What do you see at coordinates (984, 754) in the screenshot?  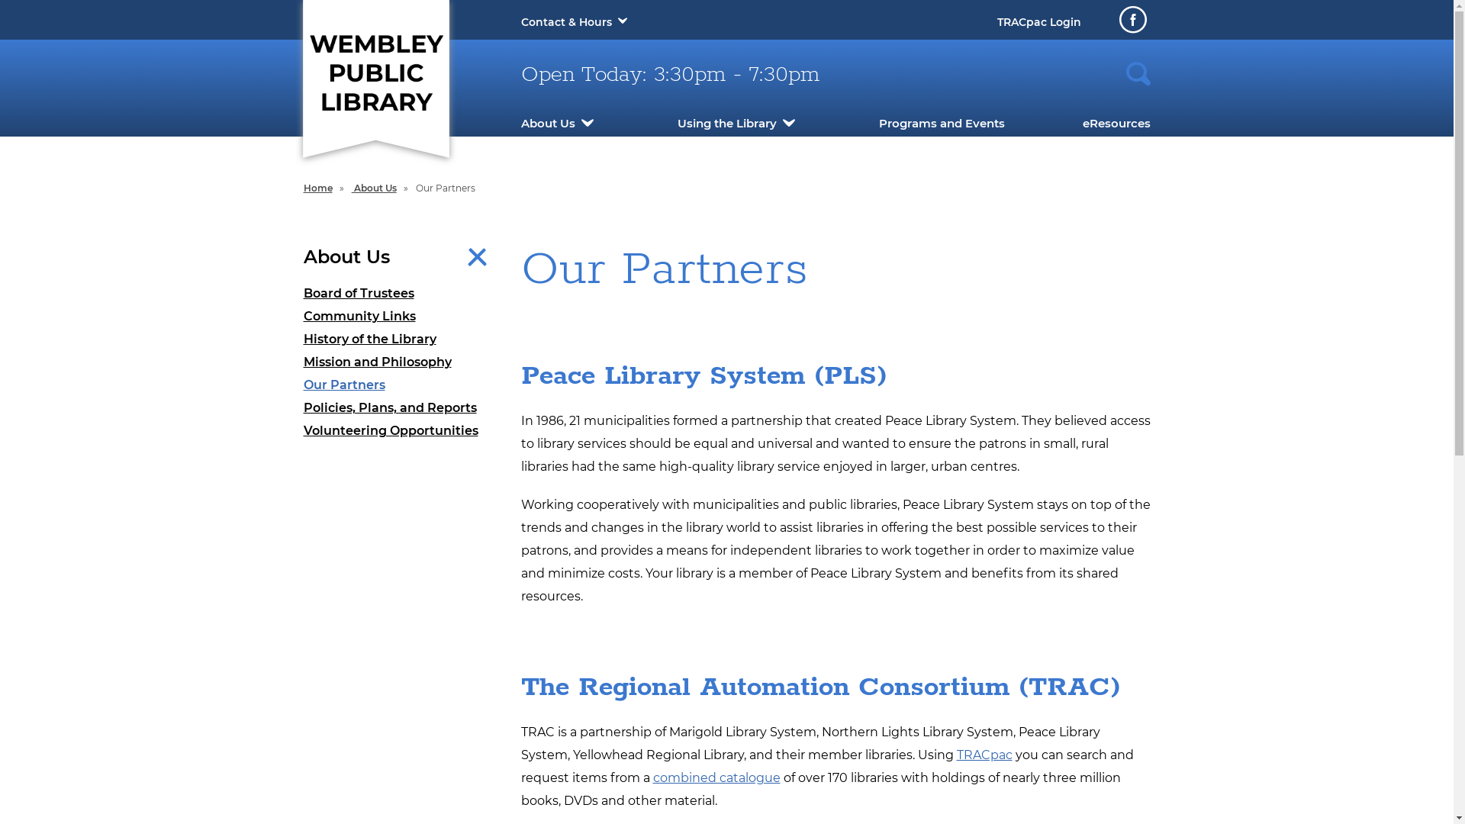 I see `'TRACpac'` at bounding box center [984, 754].